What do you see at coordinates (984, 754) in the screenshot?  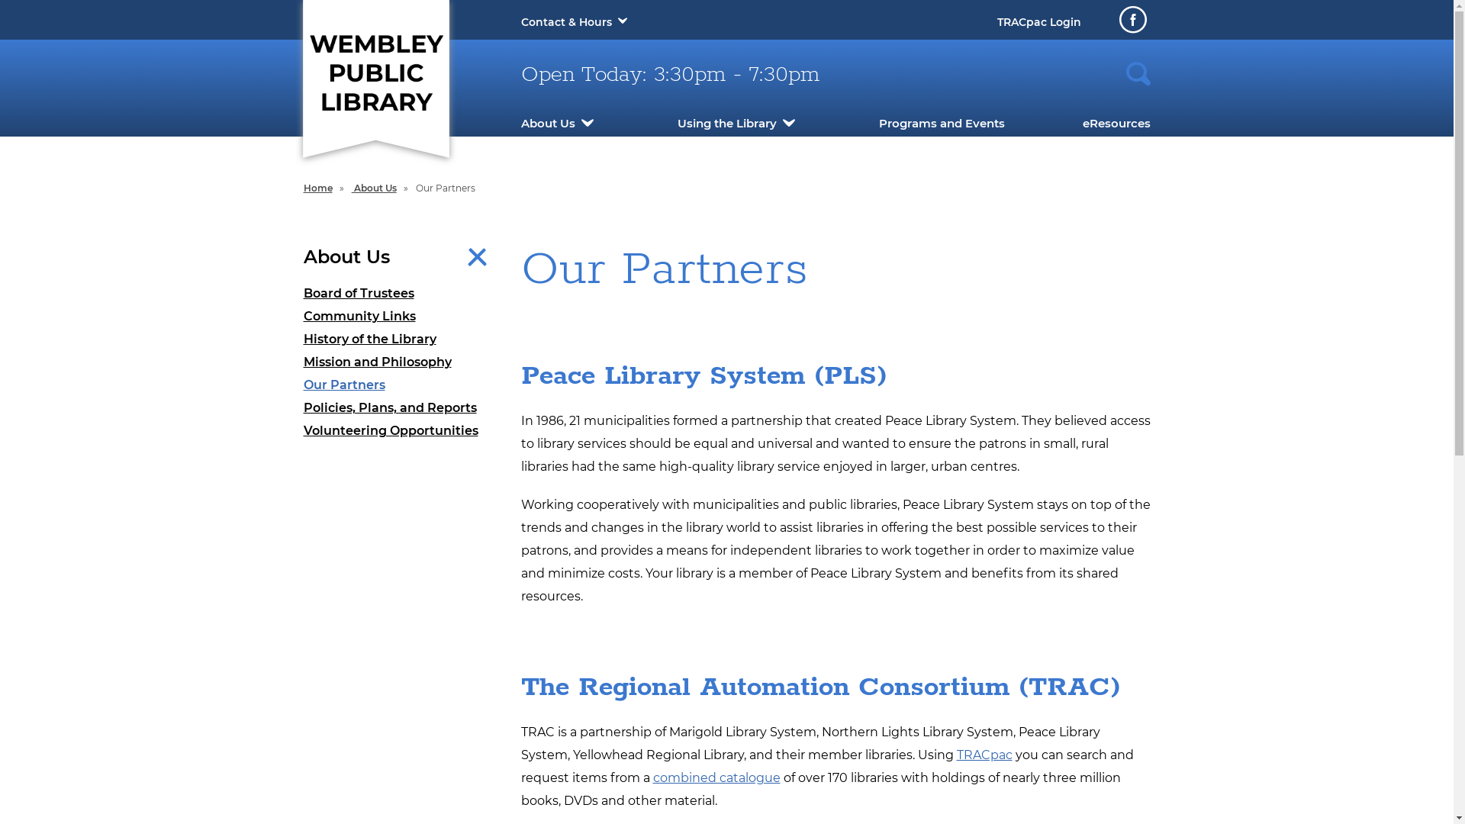 I see `'TRACpac'` at bounding box center [984, 754].